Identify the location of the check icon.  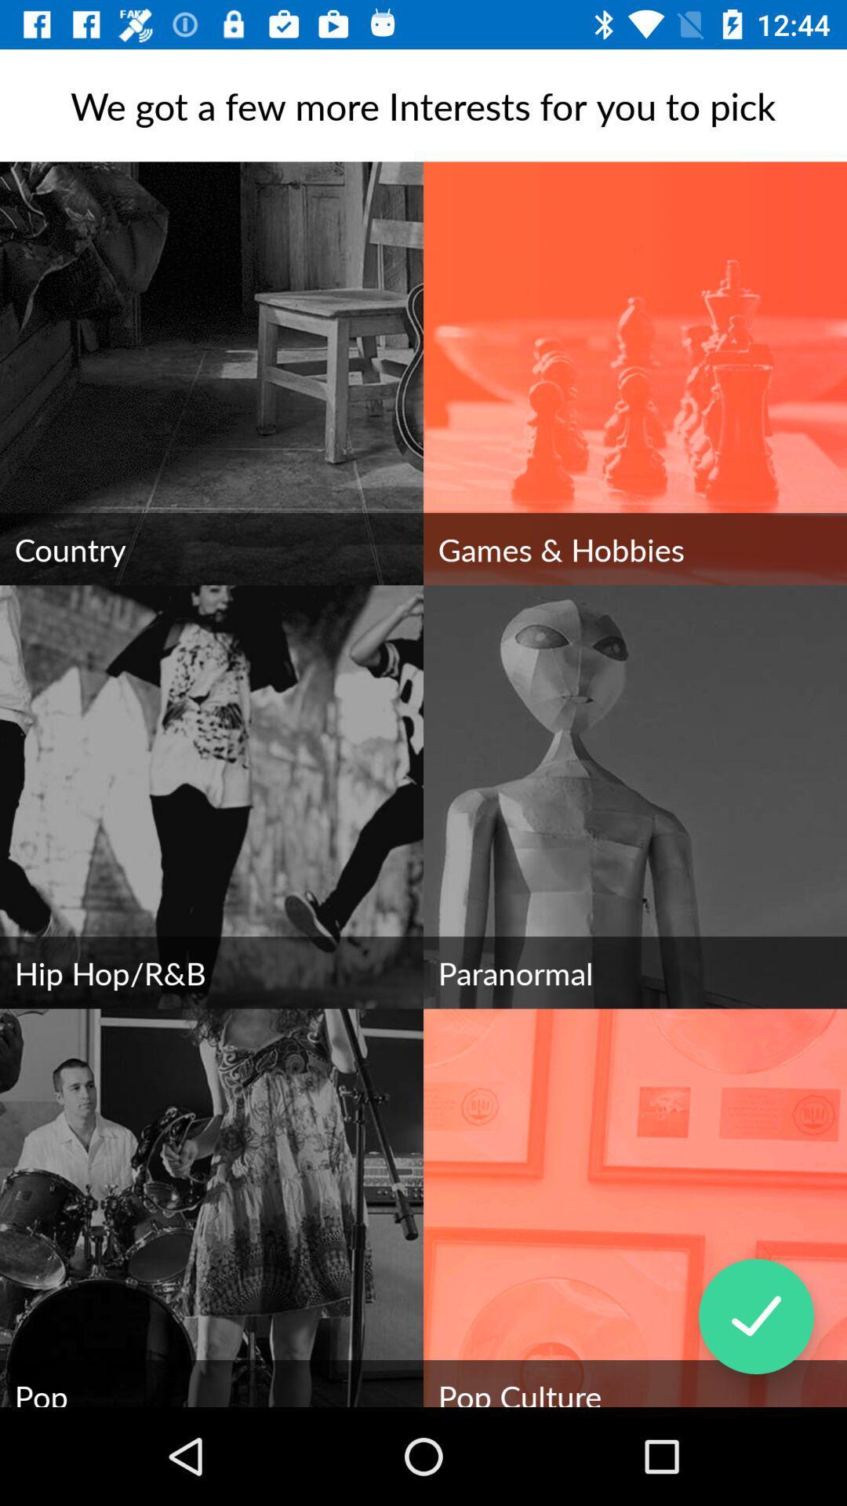
(755, 1316).